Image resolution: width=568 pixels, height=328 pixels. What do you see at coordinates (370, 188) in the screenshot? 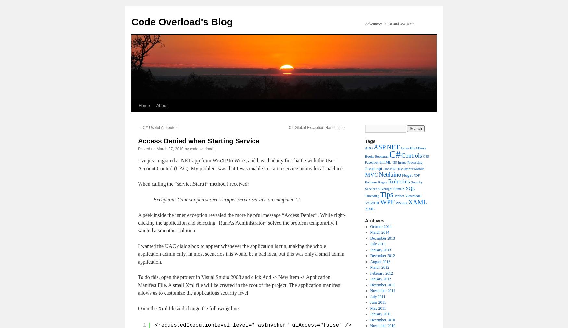
I see `'Services'` at bounding box center [370, 188].